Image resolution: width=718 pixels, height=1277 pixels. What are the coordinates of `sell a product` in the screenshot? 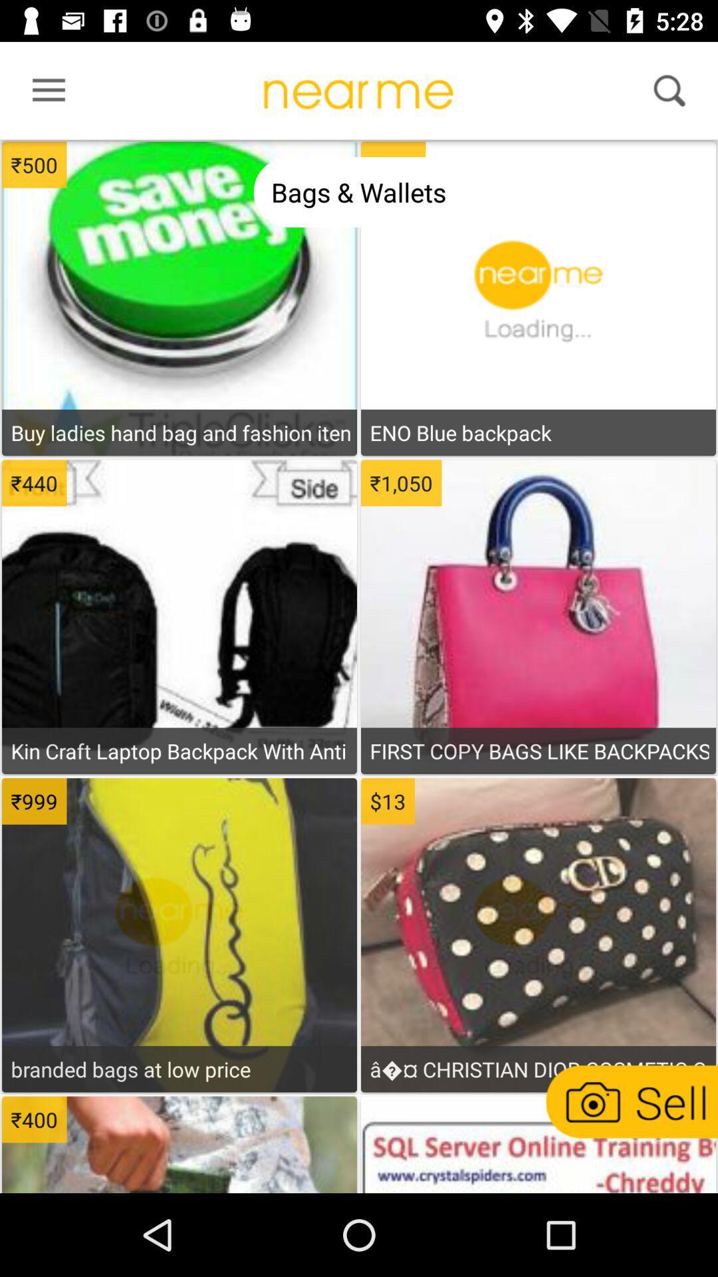 It's located at (630, 1101).